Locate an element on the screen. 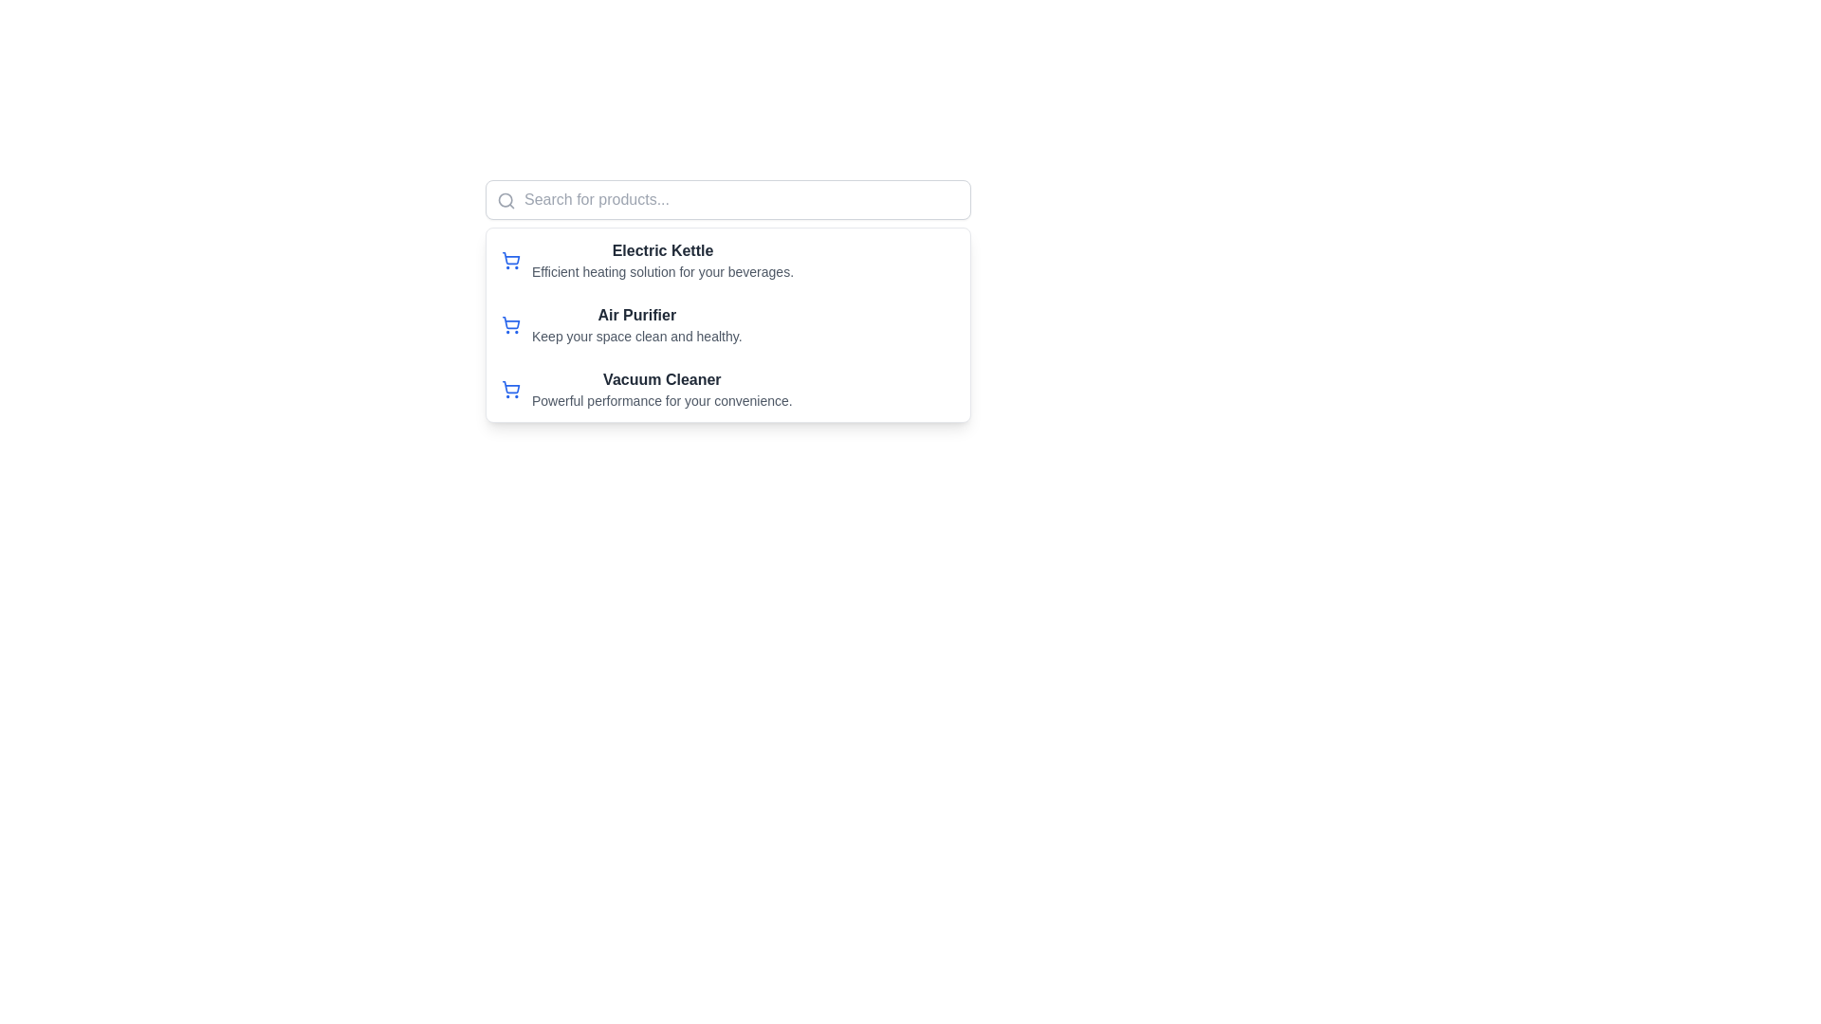 The height and width of the screenshot is (1024, 1821). the vector icon resembling a shopping cart, which is the primary graphical representation of the list item containing 'Electric Kettle' is located at coordinates (511, 321).